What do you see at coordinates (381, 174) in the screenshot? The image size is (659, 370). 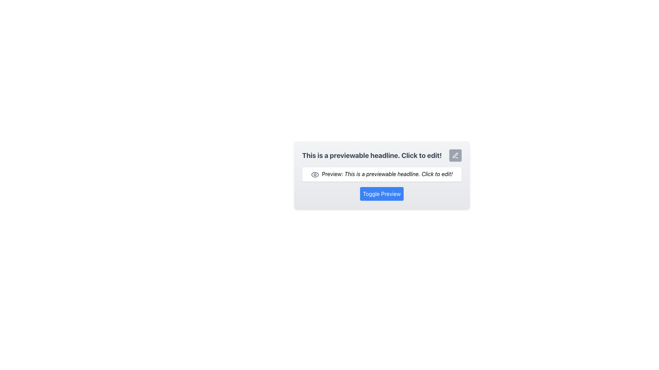 I see `the text box containing the preview icon and the text 'Preview: This is a previewable headline. Click to edit!' to trigger associated elements` at bounding box center [381, 174].